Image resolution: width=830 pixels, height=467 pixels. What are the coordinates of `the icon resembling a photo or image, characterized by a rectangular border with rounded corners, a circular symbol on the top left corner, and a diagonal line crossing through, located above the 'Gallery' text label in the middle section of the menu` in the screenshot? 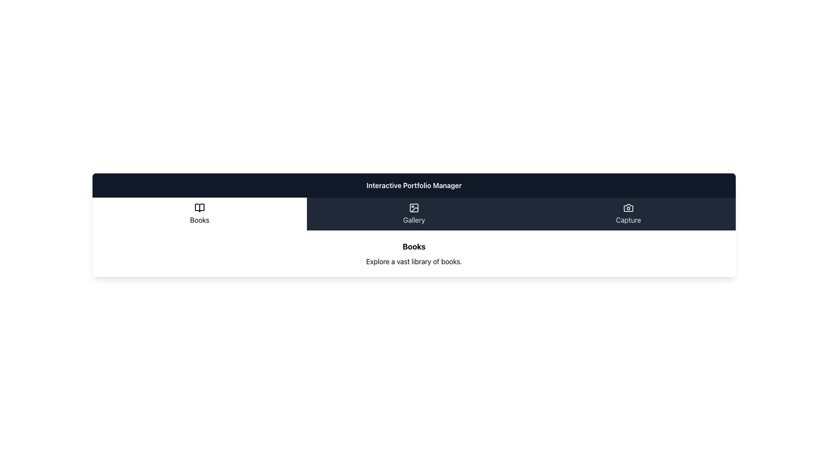 It's located at (414, 208).